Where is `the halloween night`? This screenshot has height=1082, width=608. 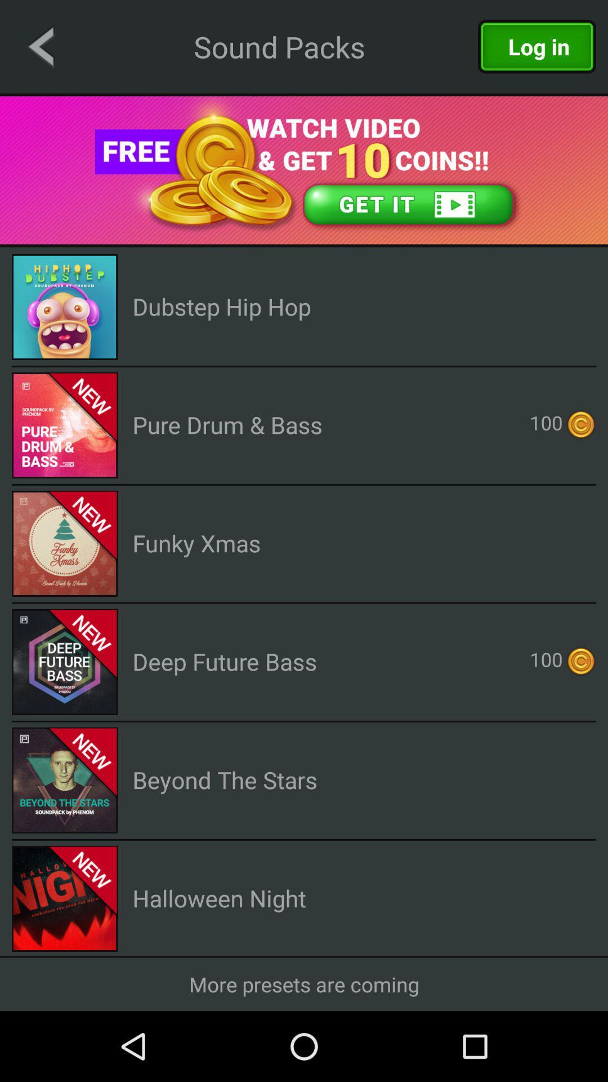 the halloween night is located at coordinates (219, 897).